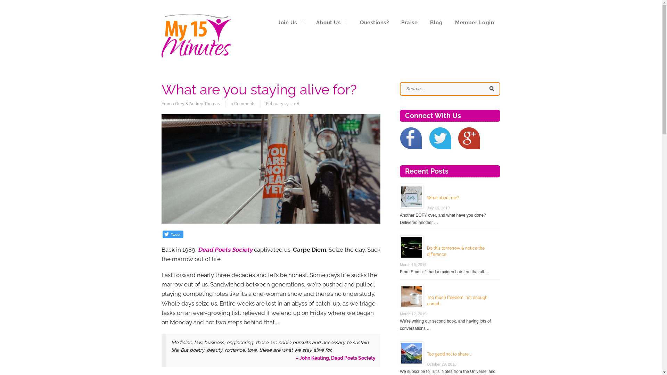 Image resolution: width=667 pixels, height=375 pixels. What do you see at coordinates (374, 22) in the screenshot?
I see `'Questions?'` at bounding box center [374, 22].